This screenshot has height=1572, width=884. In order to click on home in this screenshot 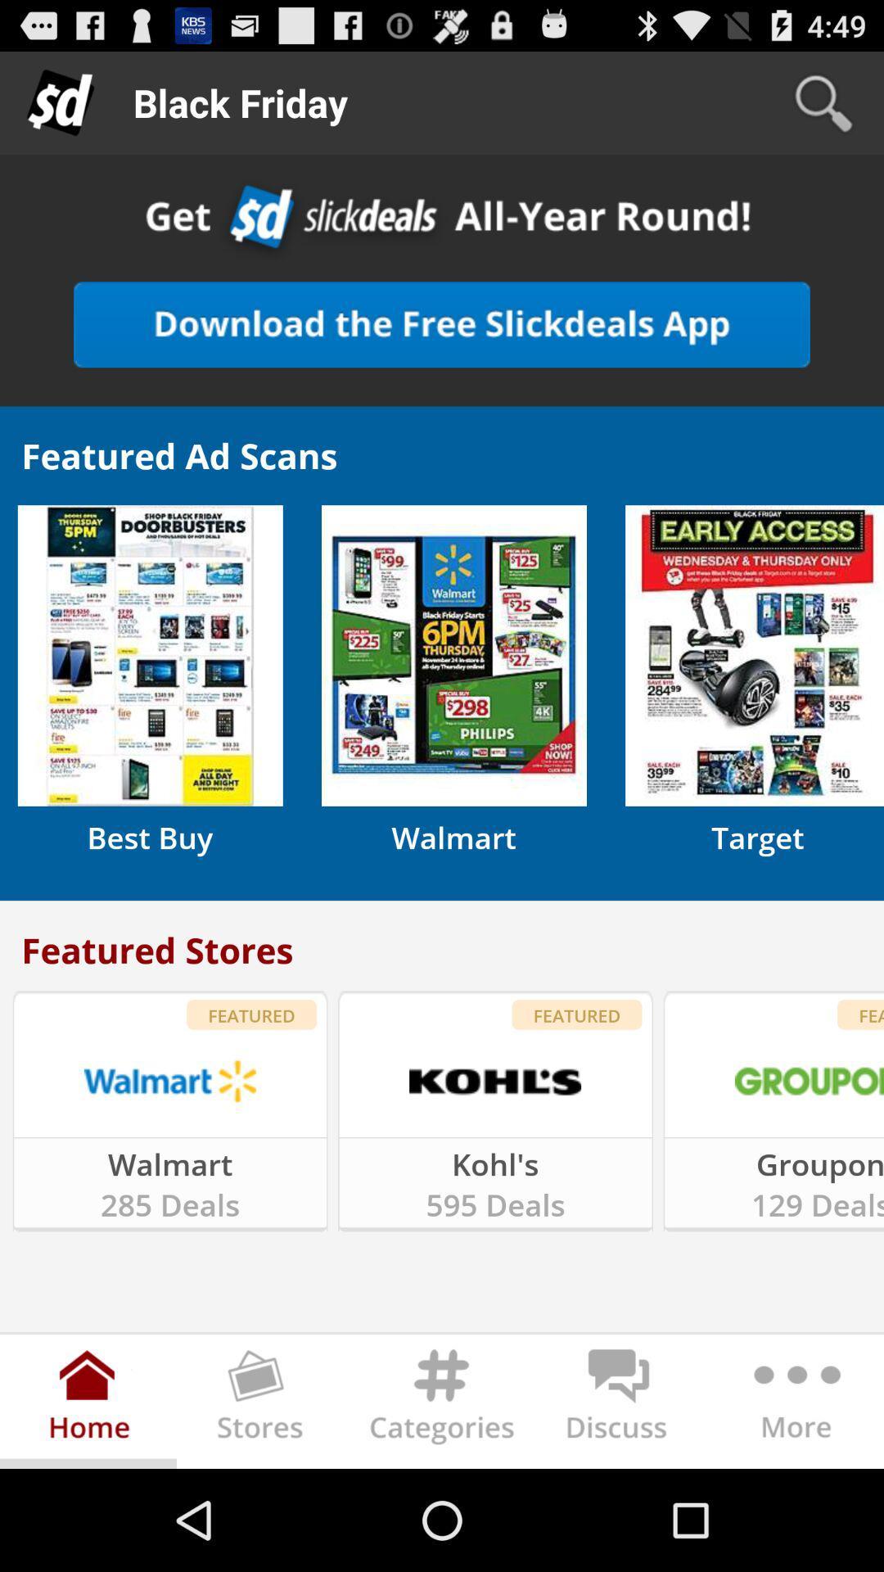, I will do `click(88, 1404)`.